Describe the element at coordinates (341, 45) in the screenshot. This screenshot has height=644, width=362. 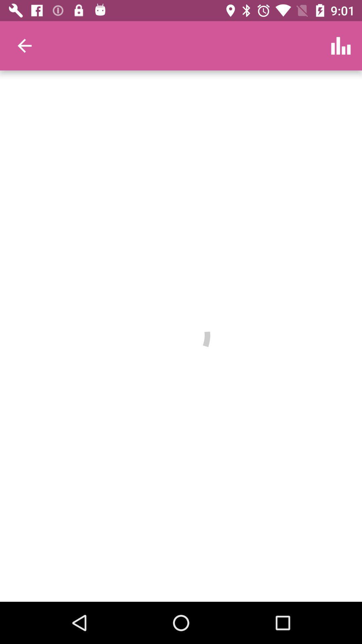
I see `the icon at the top right corner` at that location.